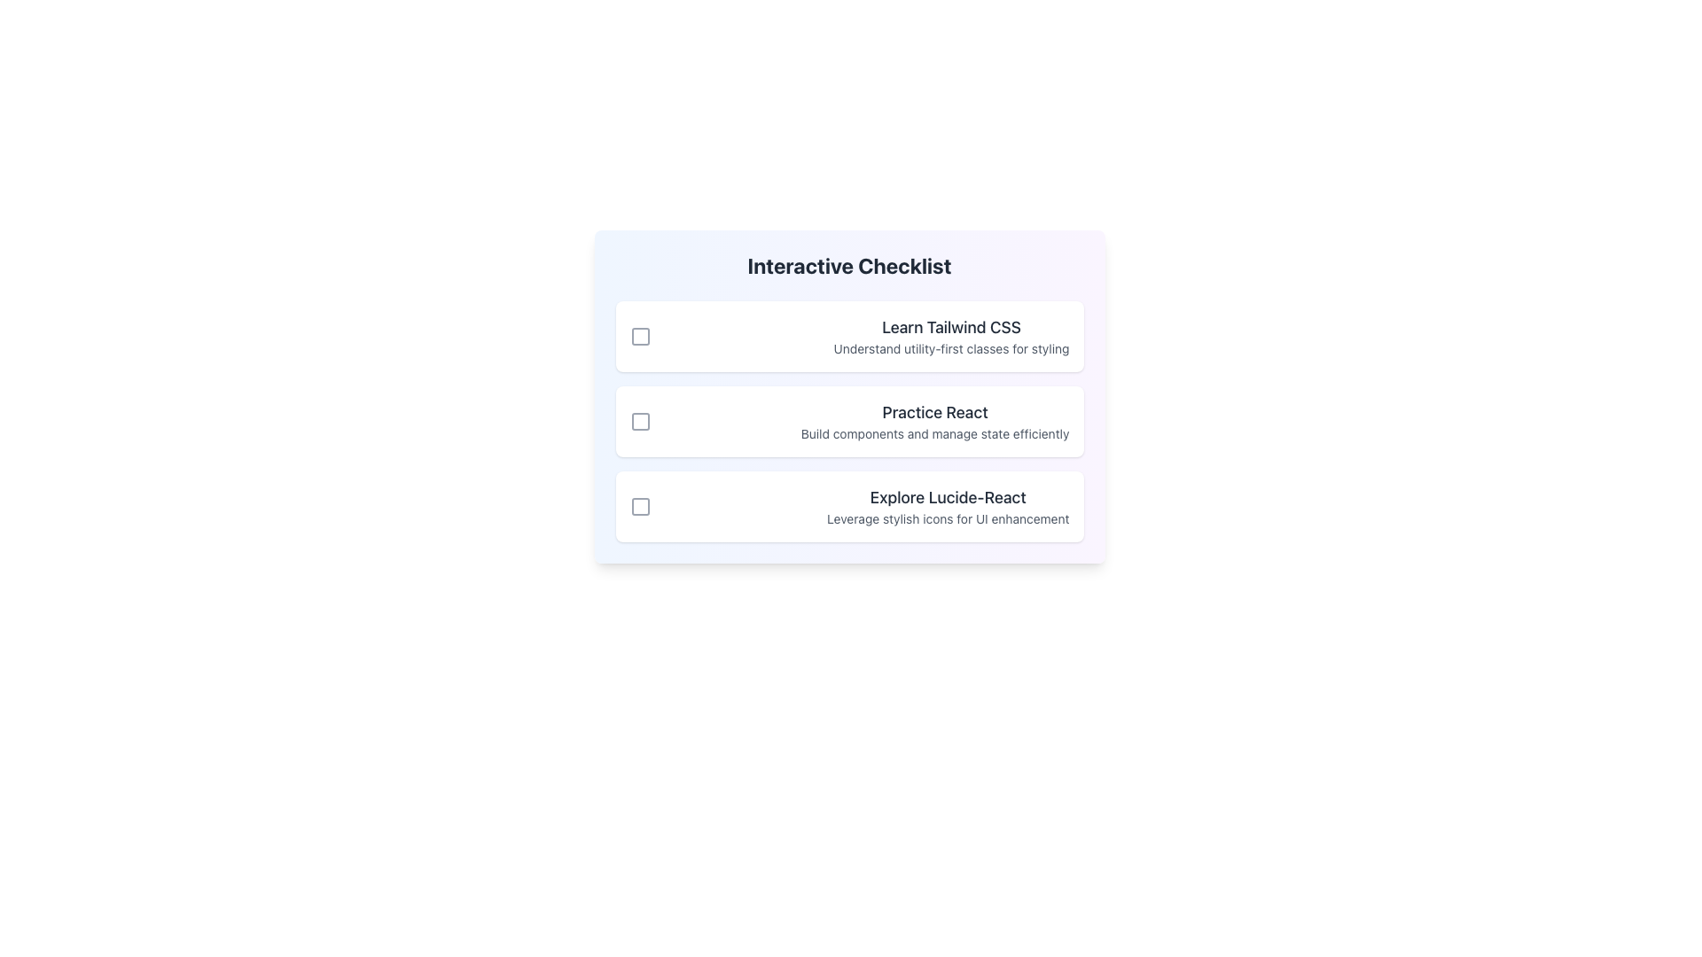 The height and width of the screenshot is (957, 1702). What do you see at coordinates (639, 421) in the screenshot?
I see `the checkbox located to the left of the 'Practice React' text` at bounding box center [639, 421].